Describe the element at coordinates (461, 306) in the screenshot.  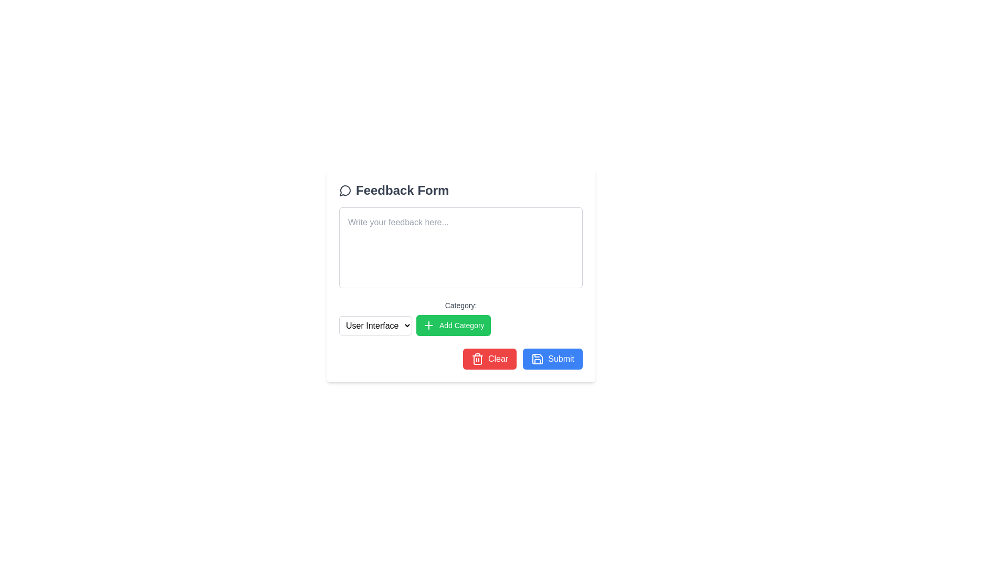
I see `the label that indicates the purpose of the adjacent dropdown menu in the 'Feedback Form' interface, positioned above the 'User Interface' dropdown and the 'Add Category' button` at that location.